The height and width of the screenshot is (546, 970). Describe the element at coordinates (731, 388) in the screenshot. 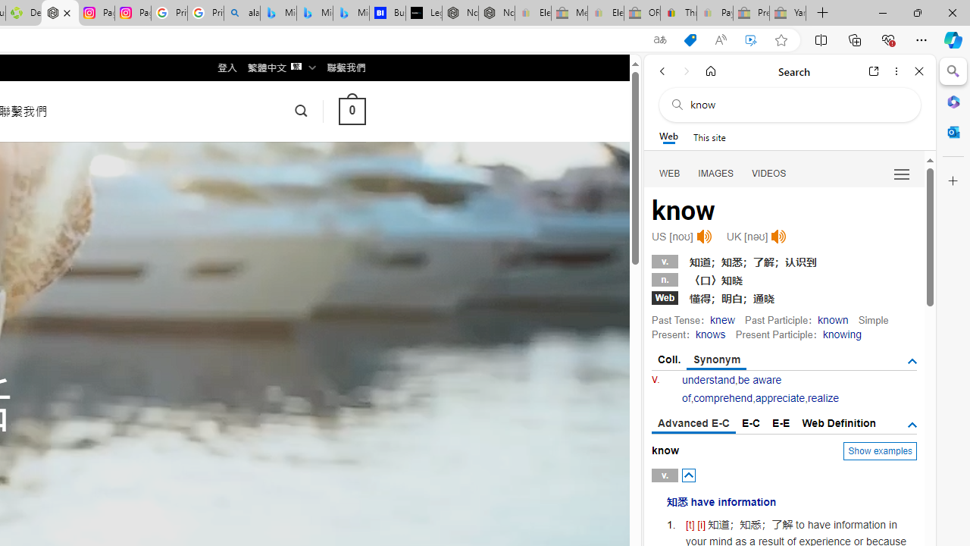

I see `'be aware of'` at that location.